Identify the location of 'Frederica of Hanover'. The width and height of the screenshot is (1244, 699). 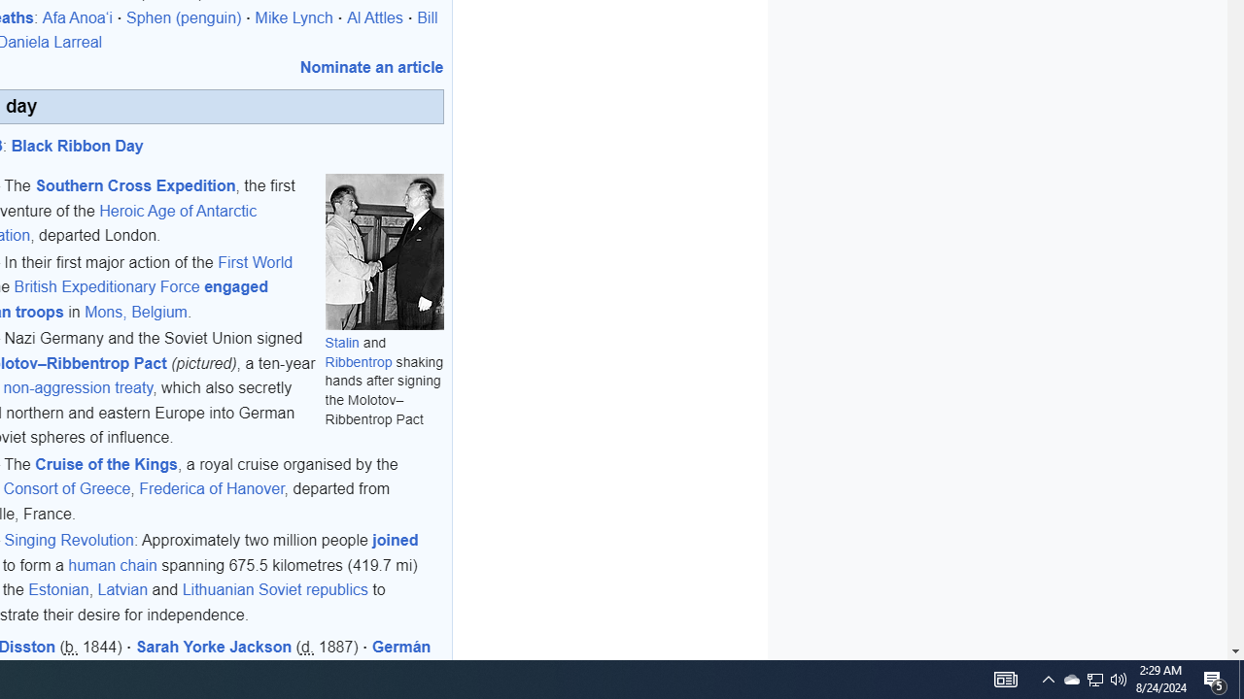
(212, 487).